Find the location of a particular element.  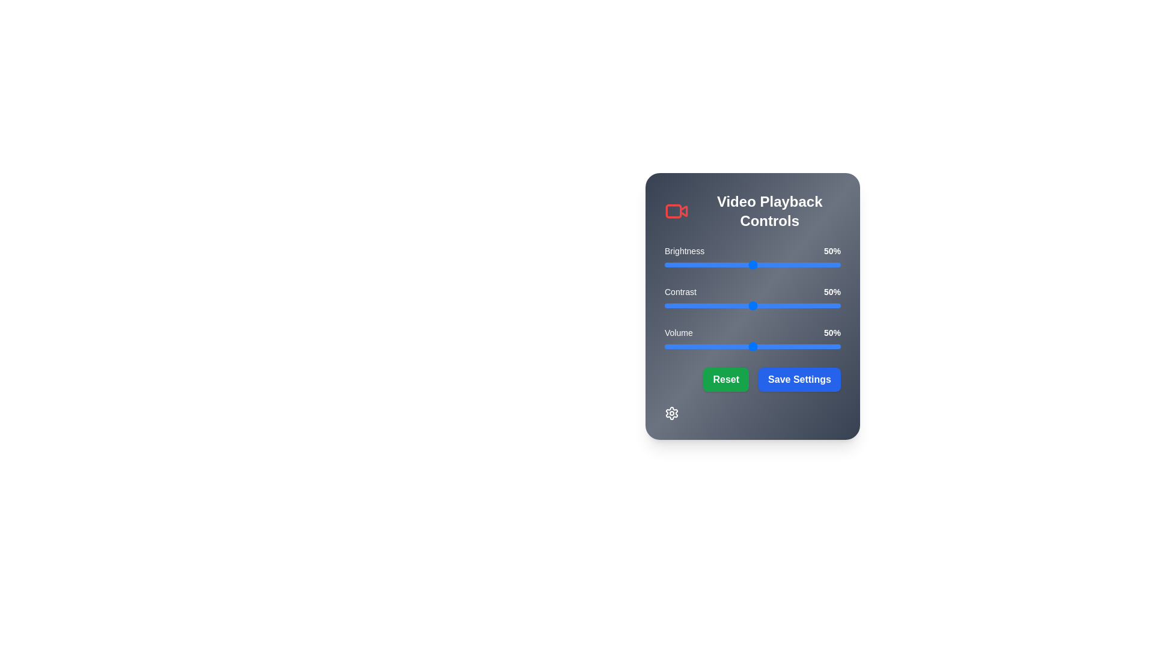

the settings icon located at the bottom-left corner of the 'Video Playback Controls' panel is located at coordinates (671, 412).